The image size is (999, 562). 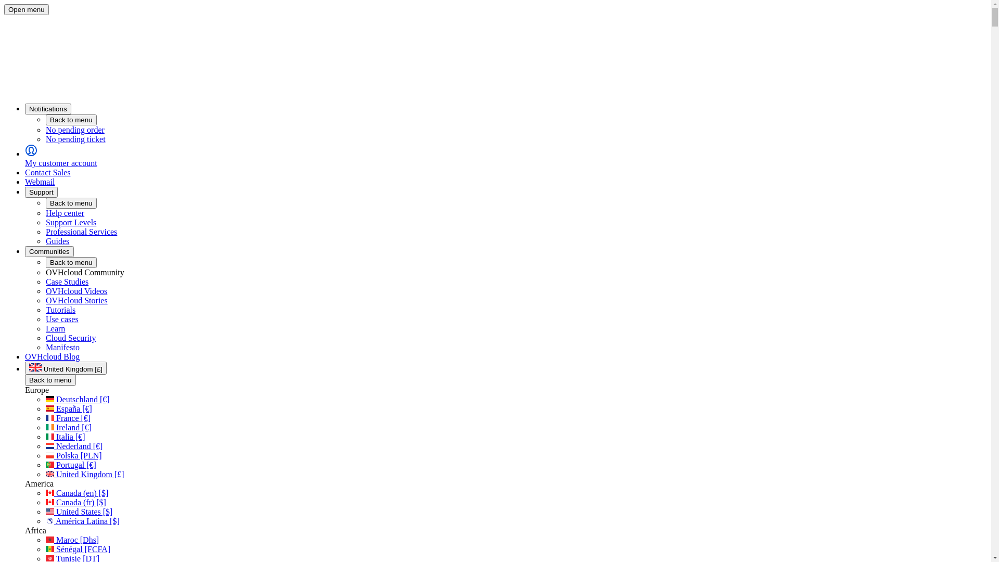 I want to click on 'Maroc [Dhs]', so click(x=72, y=539).